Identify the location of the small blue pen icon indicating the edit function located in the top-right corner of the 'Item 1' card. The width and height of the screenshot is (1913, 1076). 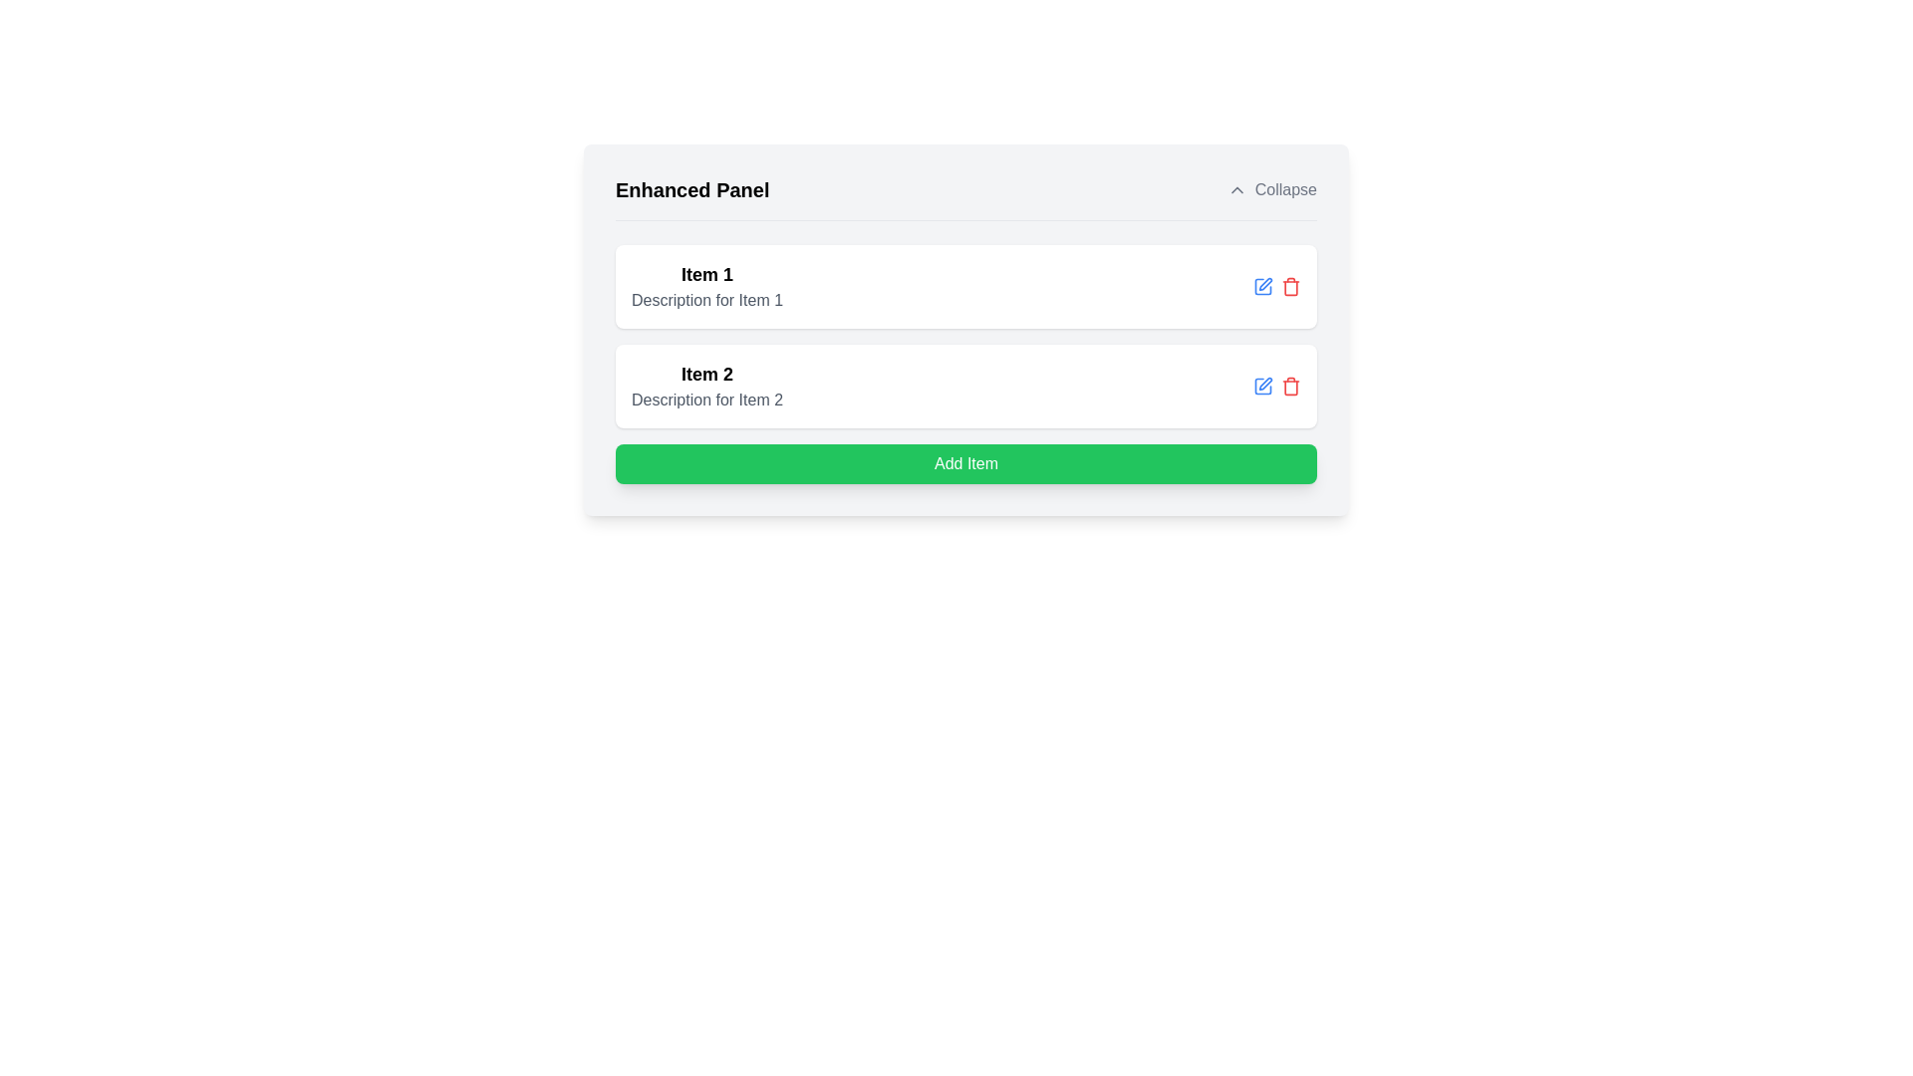
(1261, 287).